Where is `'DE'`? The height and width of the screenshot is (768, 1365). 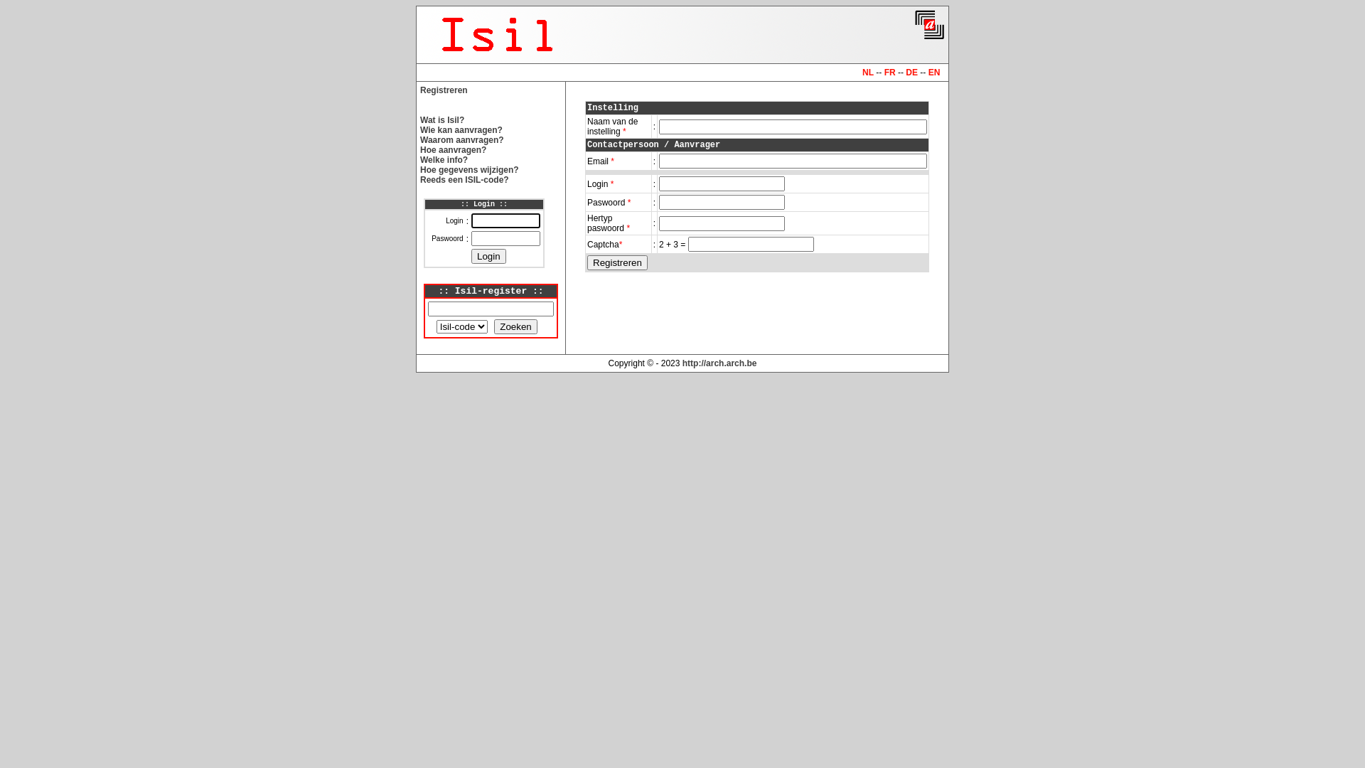
'DE' is located at coordinates (911, 72).